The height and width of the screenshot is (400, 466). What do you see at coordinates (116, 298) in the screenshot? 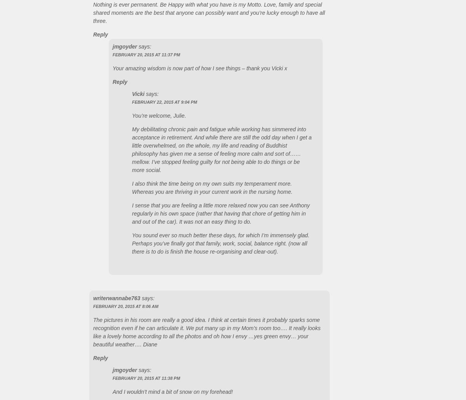
I see `'writerwannabe763'` at bounding box center [116, 298].